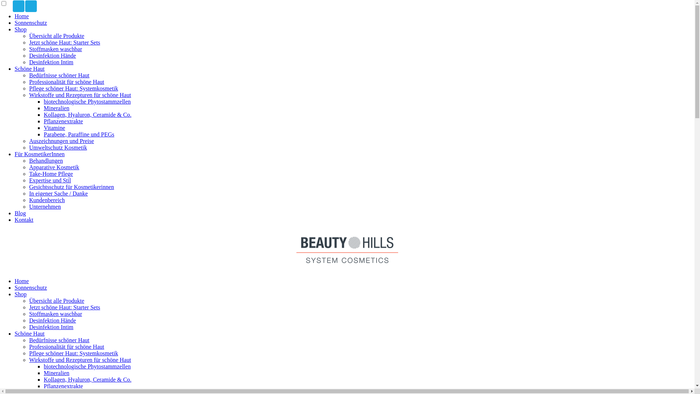 Image resolution: width=700 pixels, height=394 pixels. What do you see at coordinates (87, 115) in the screenshot?
I see `'Kollagen, Hyaluron, Ceramide & Co.'` at bounding box center [87, 115].